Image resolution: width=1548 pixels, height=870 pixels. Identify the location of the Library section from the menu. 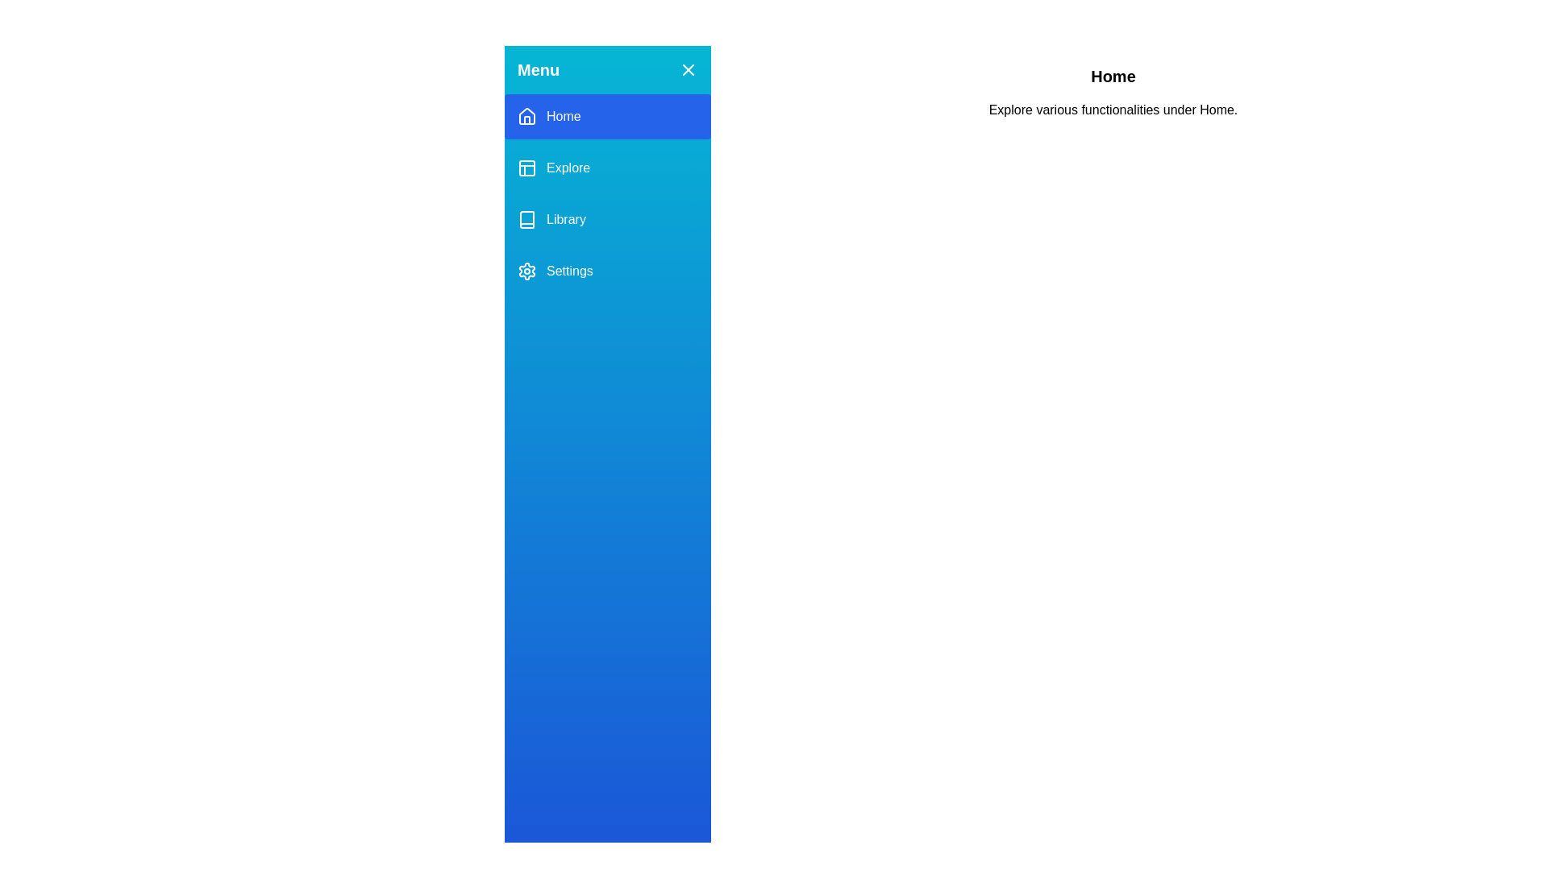
(606, 220).